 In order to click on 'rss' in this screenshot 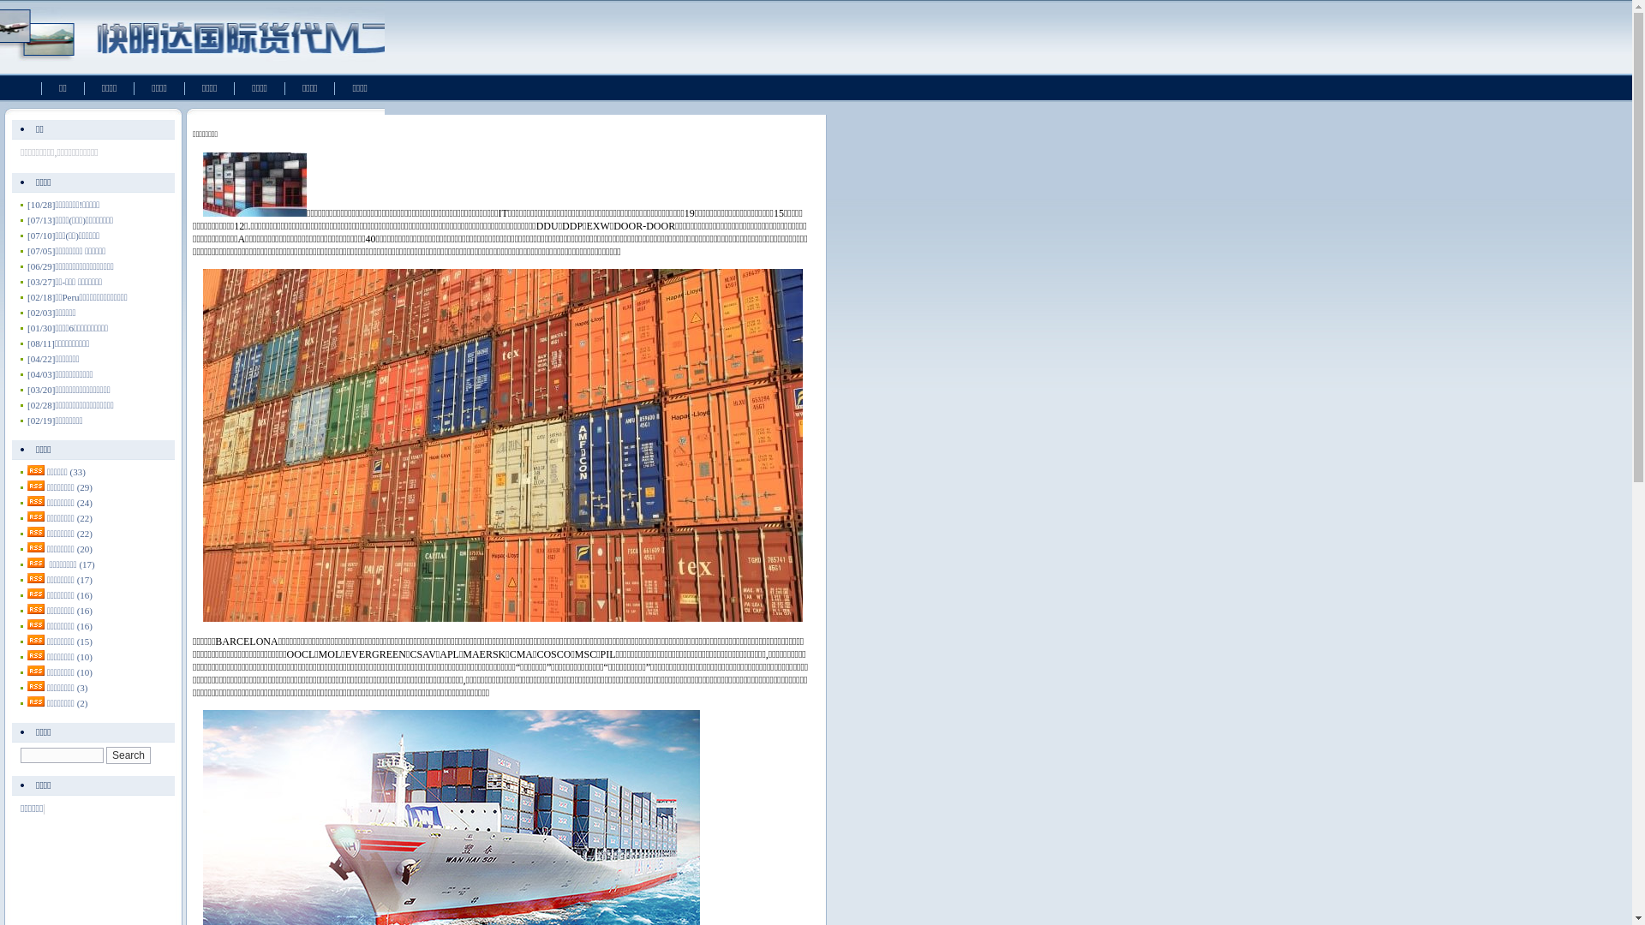, I will do `click(36, 547)`.